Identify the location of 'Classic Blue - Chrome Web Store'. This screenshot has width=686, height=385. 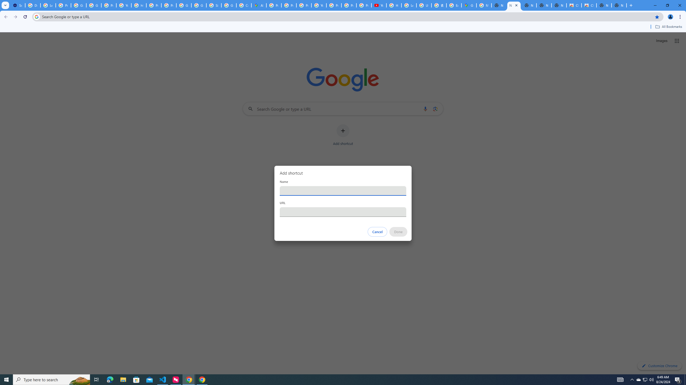
(573, 5).